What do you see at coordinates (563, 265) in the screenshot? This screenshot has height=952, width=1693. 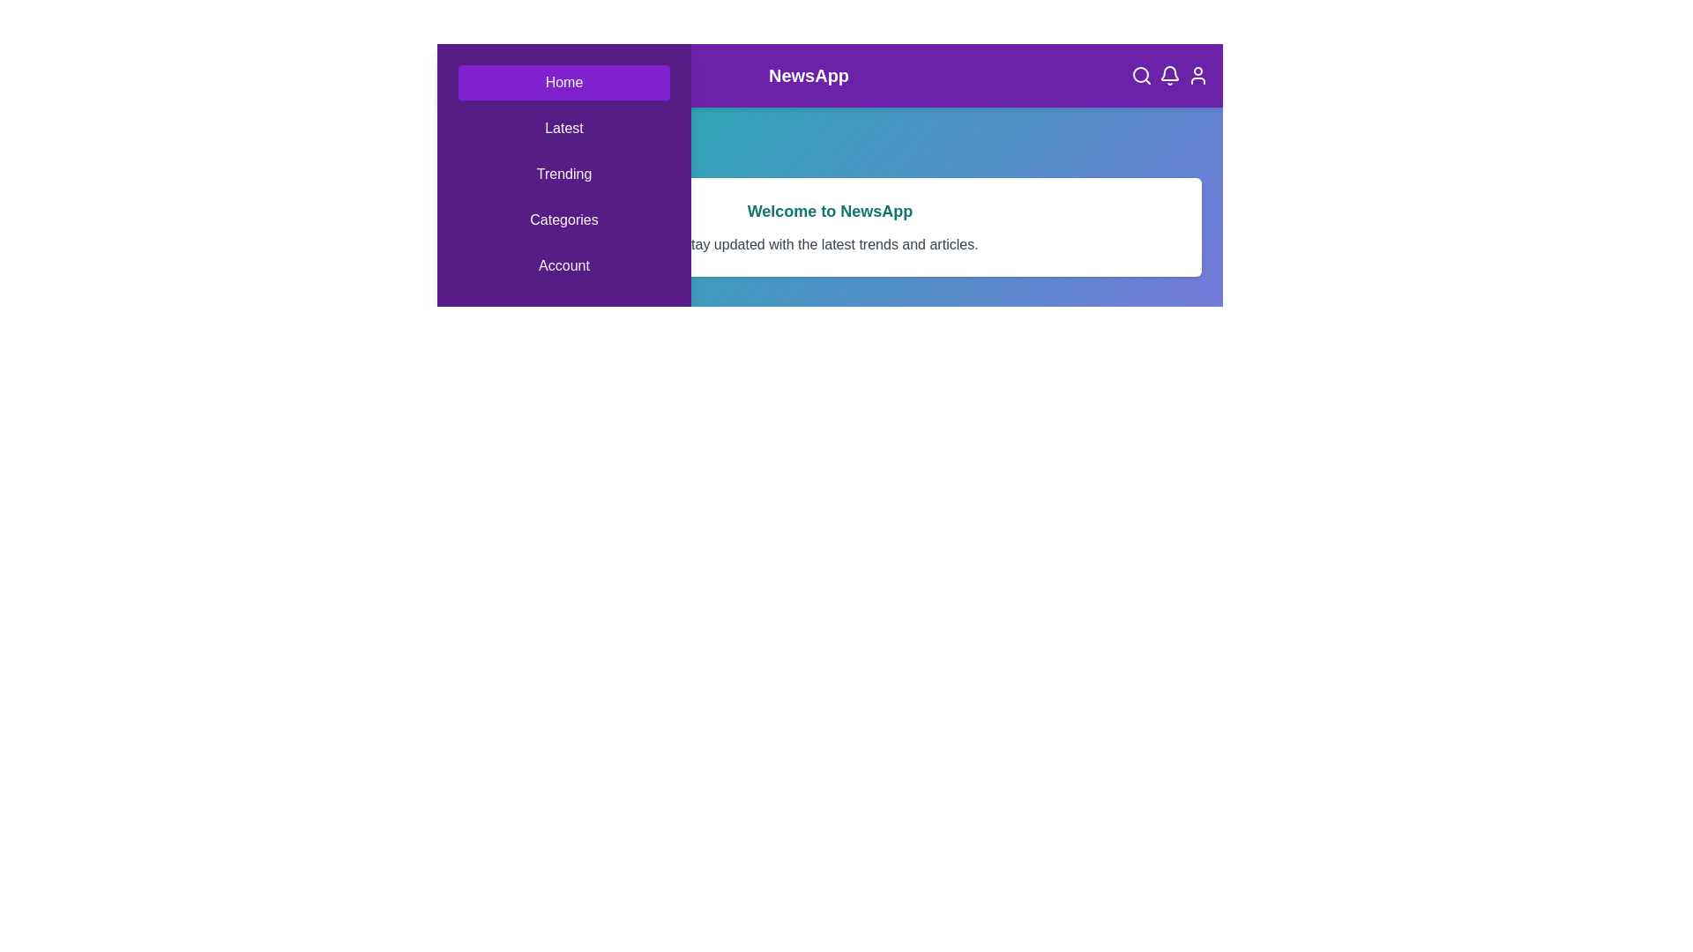 I see `the Account navigation tab` at bounding box center [563, 265].